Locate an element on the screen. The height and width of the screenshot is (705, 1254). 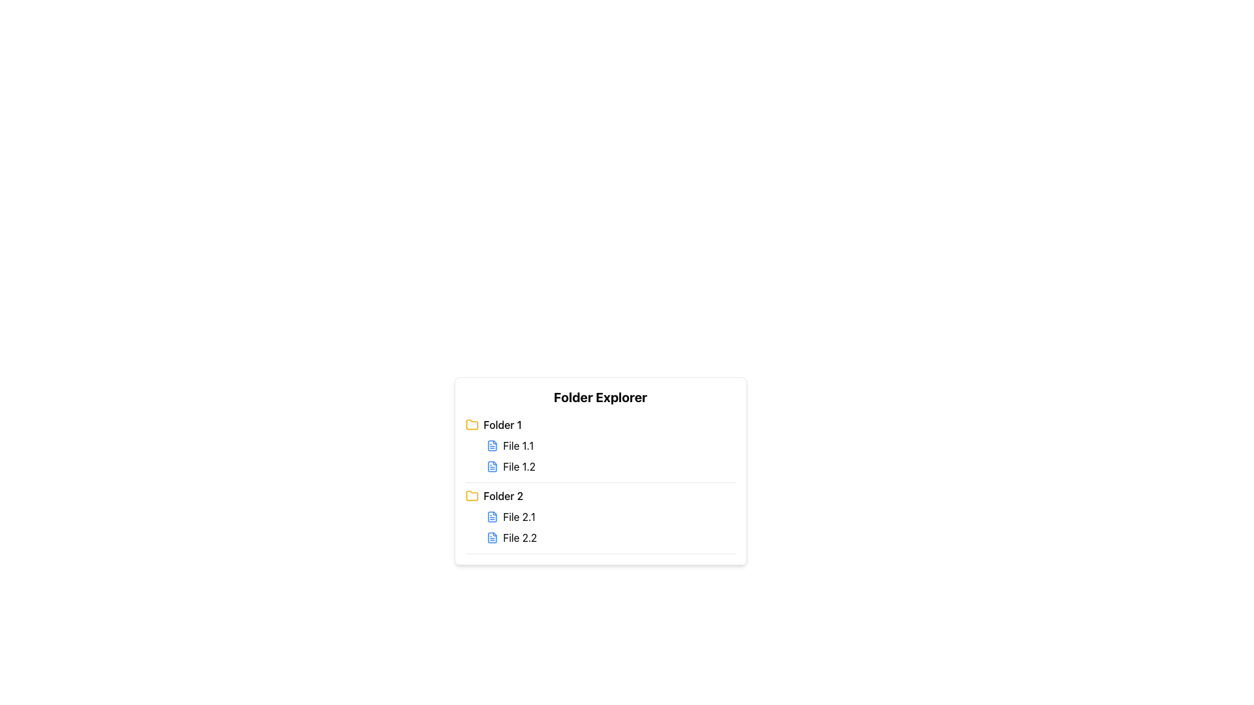
the text label reading 'File 1.1' which is positioned under 'Folder 1' and above 'File 1.2' in the folder explorer interface is located at coordinates (518, 445).